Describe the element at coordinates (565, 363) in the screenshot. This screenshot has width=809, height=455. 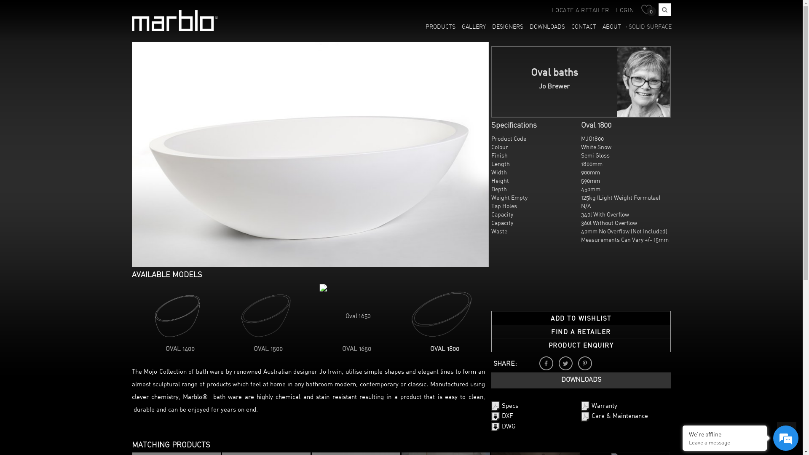
I see `'Twitter'` at that location.